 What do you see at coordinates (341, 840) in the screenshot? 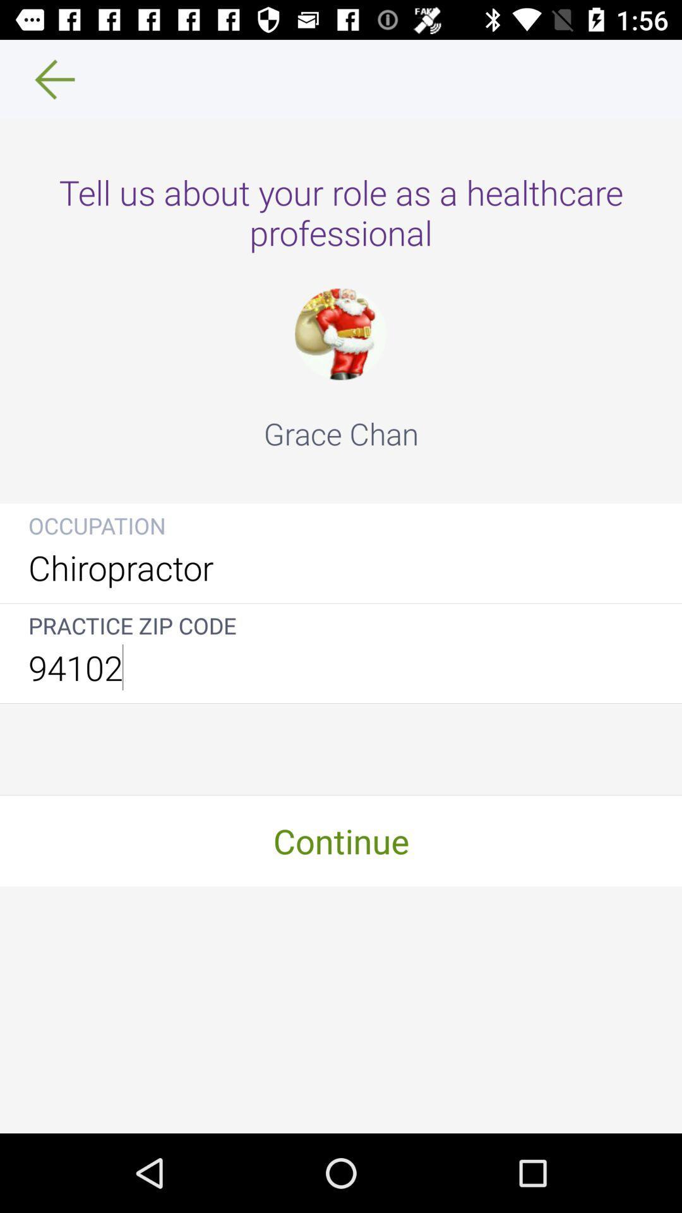
I see `icon below 94102` at bounding box center [341, 840].